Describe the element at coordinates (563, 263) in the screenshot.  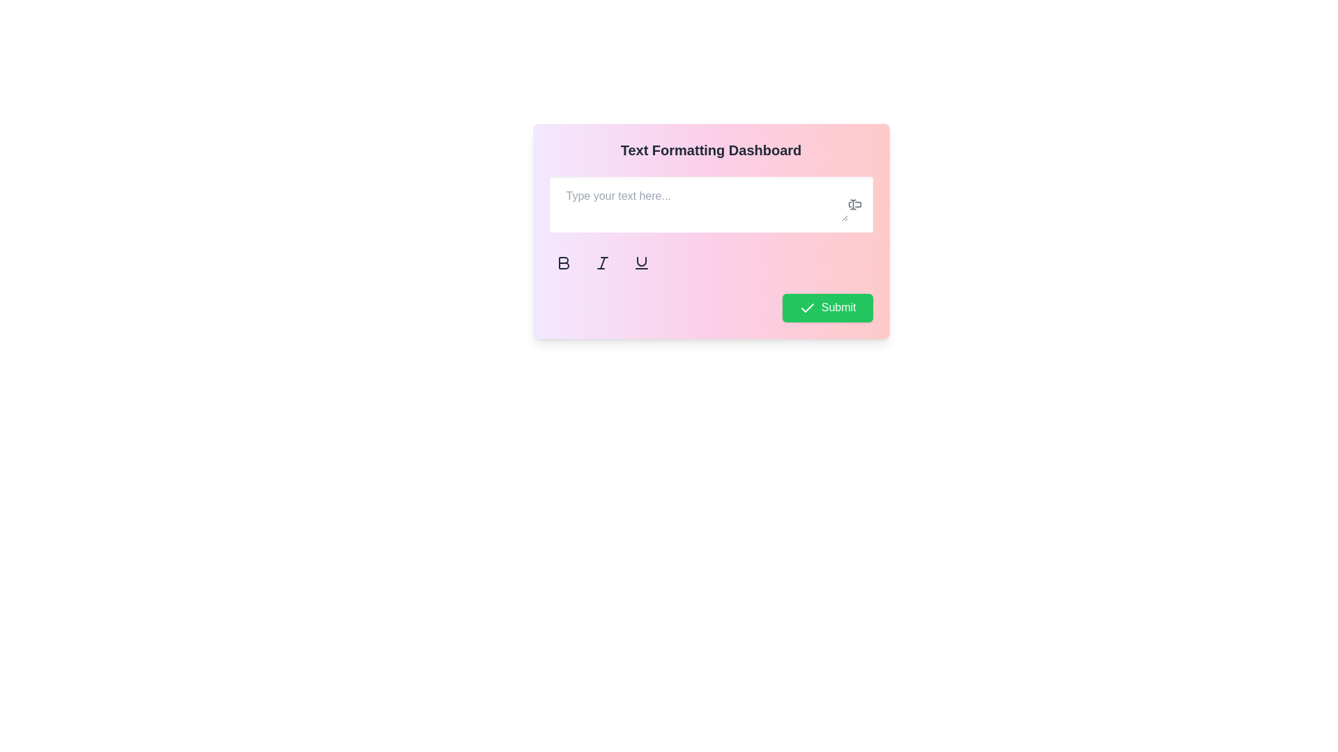
I see `the first button from left to right in a group of three buttons that toggles bold formatting for selected text, located directly underneath the text input field` at that location.